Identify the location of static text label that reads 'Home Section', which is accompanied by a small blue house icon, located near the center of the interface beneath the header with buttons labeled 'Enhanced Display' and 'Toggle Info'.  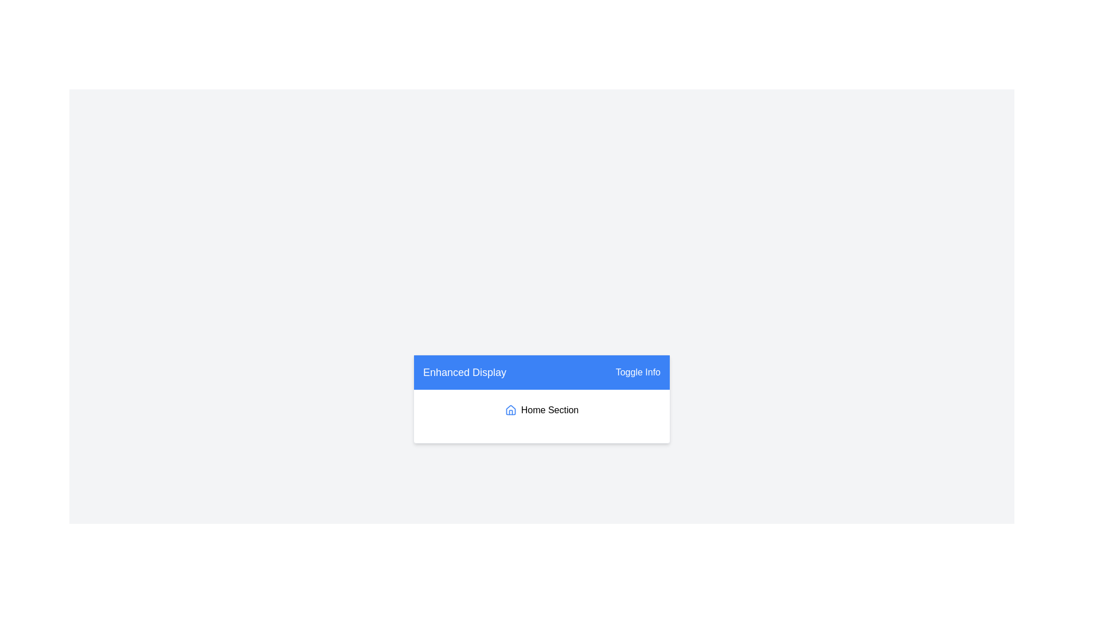
(541, 410).